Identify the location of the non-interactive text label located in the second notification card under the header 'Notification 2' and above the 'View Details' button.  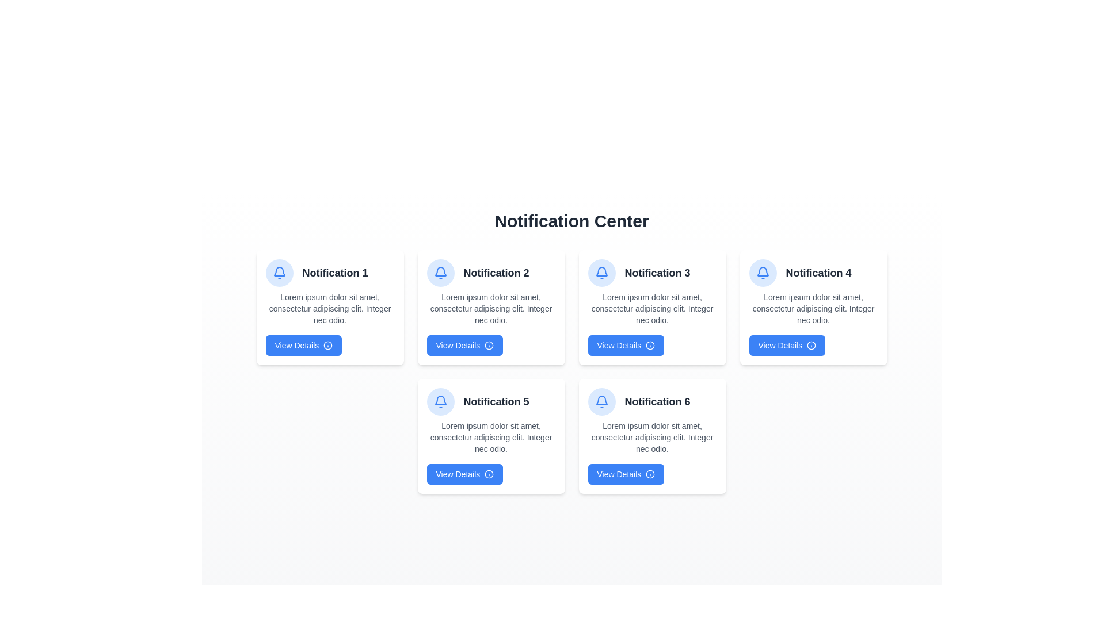
(491, 308).